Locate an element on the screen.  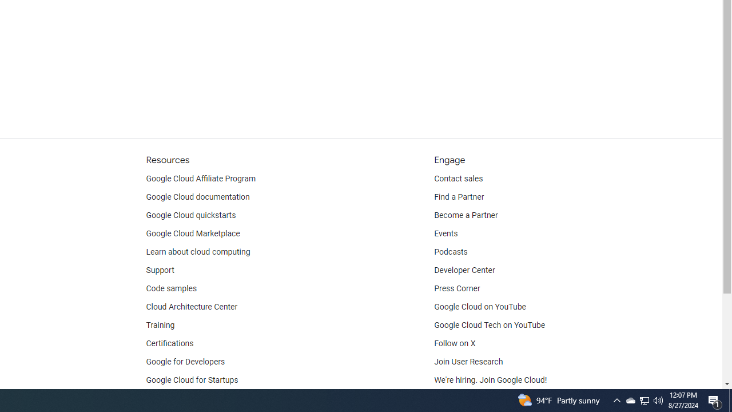
'Google Cloud documentation' is located at coordinates (197, 196).